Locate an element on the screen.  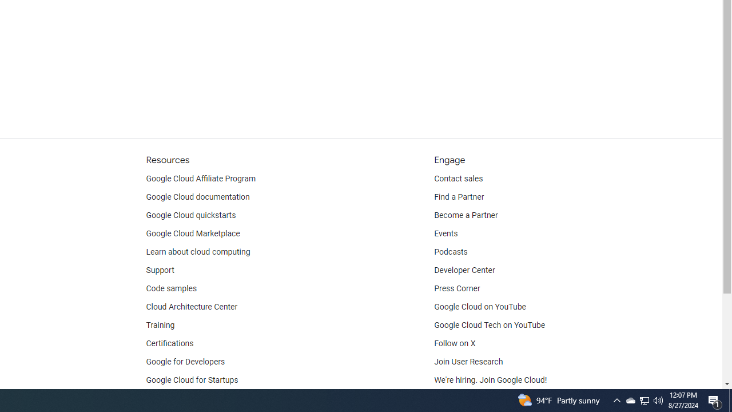
'Google Cloud documentation' is located at coordinates (197, 196).